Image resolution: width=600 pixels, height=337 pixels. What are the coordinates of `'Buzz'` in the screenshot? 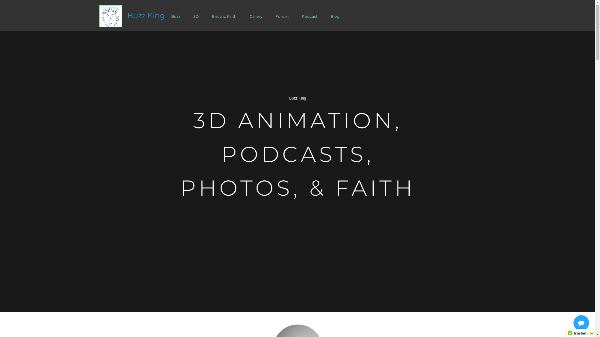 It's located at (175, 16).